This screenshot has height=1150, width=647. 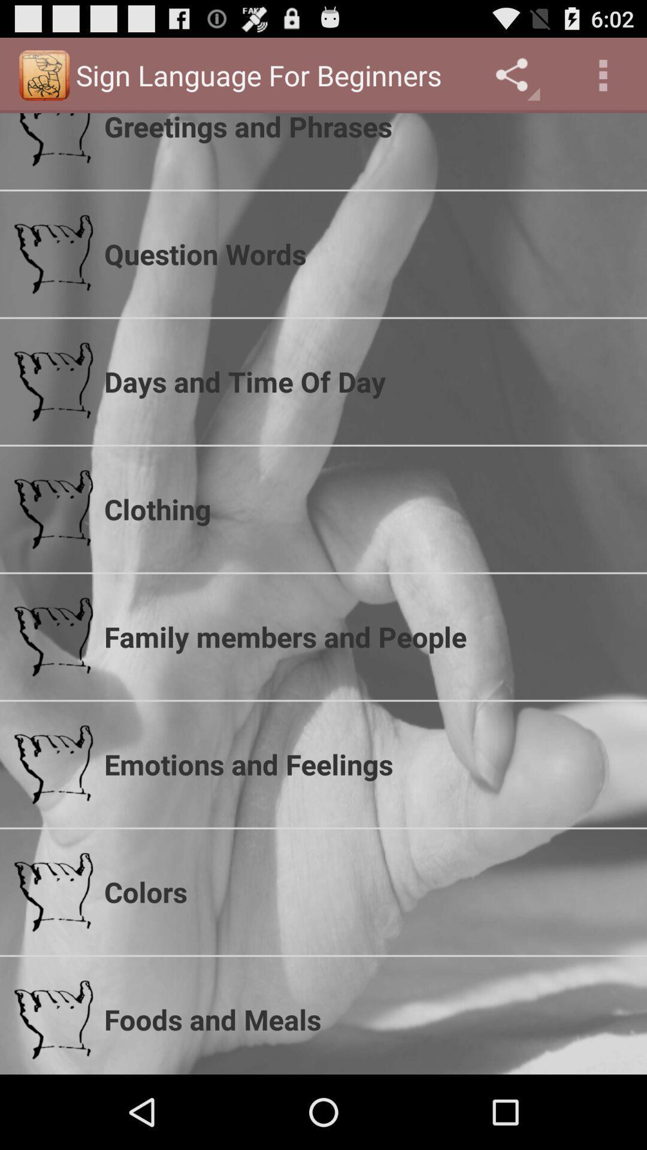 I want to click on app above colors item, so click(x=367, y=764).